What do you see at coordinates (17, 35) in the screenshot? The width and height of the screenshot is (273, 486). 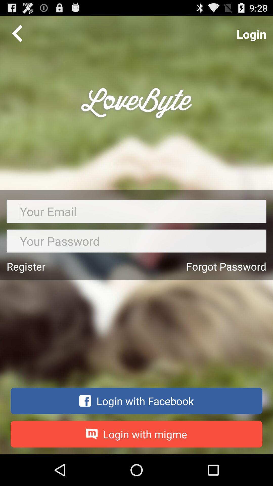 I see `the arrow_backward icon` at bounding box center [17, 35].